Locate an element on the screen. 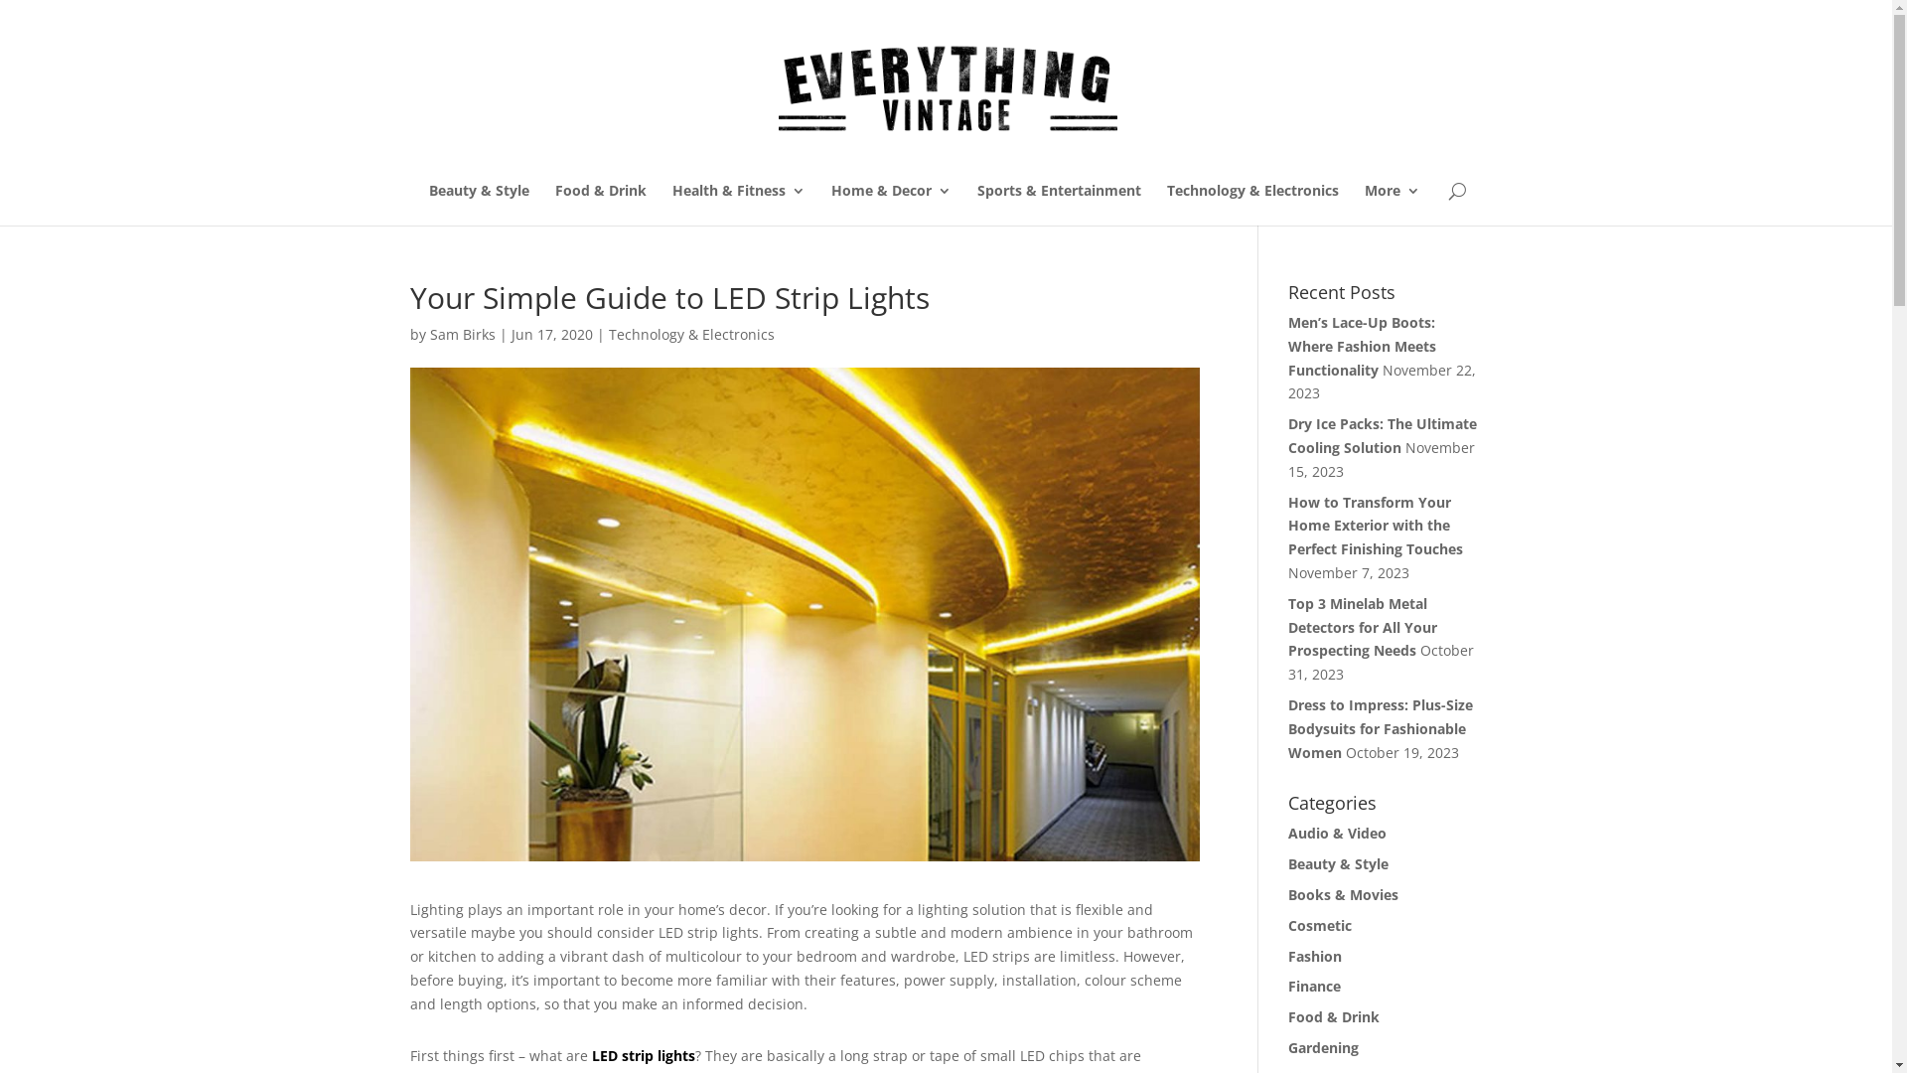 The width and height of the screenshot is (1907, 1073). 'Home & Decor' is located at coordinates (889, 204).